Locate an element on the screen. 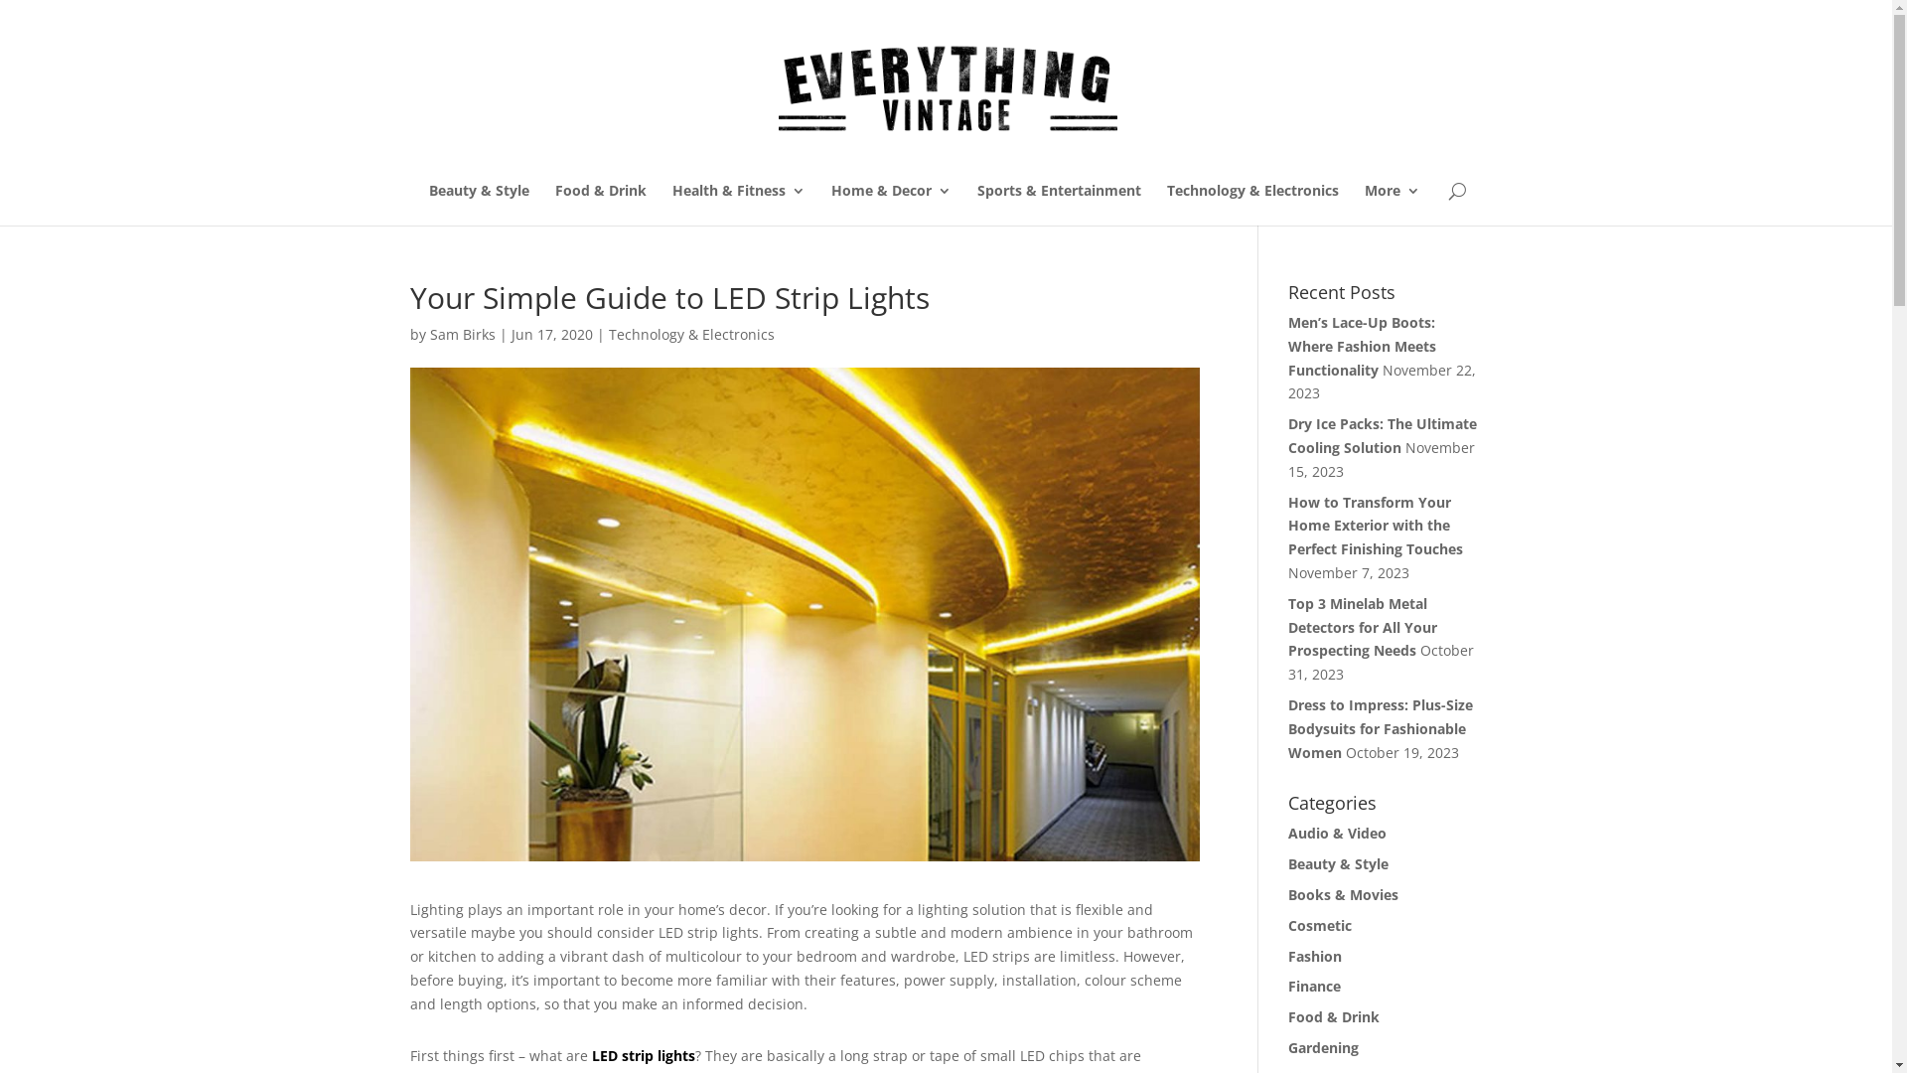 The width and height of the screenshot is (1907, 1073). 'Home & Decor' is located at coordinates (889, 204).